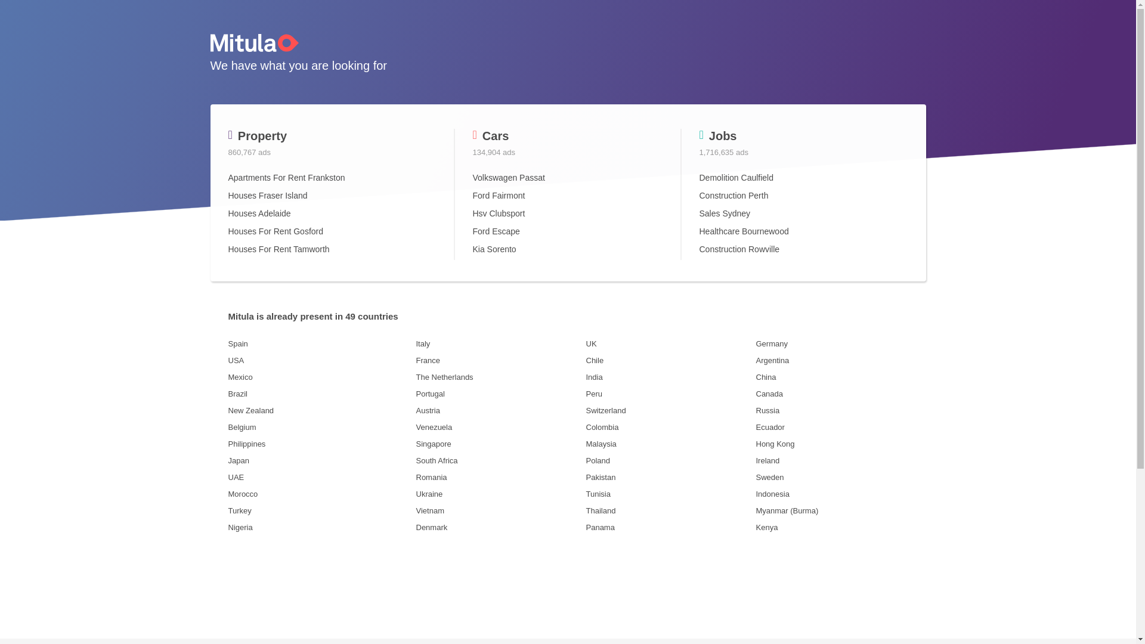 This screenshot has width=1145, height=644. I want to click on 'Sales Sydney', so click(723, 213).